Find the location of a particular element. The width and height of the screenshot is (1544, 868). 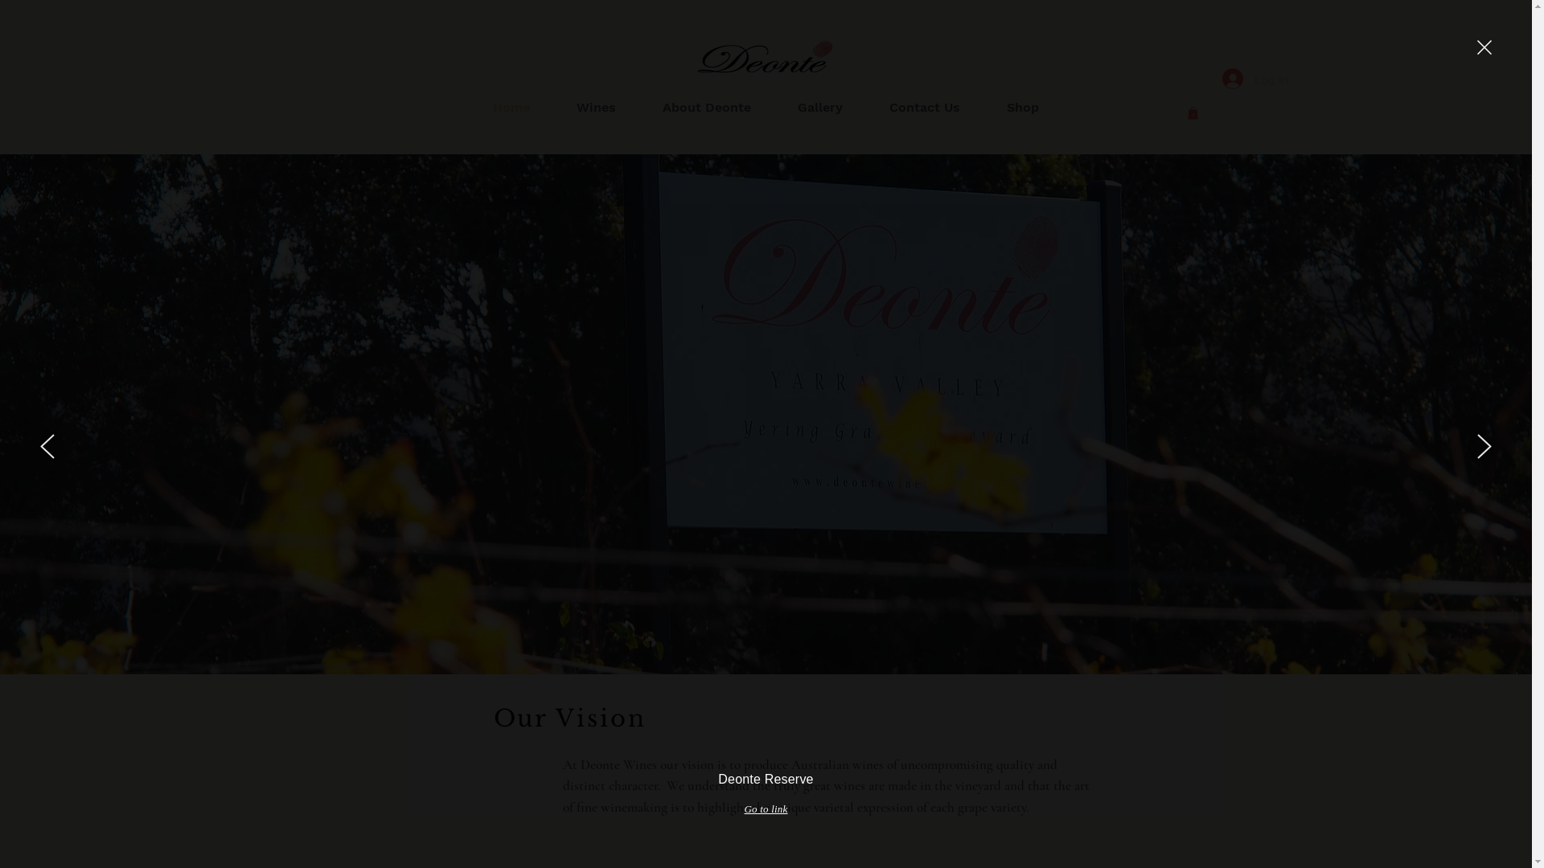

'Contact Us' is located at coordinates (923, 108).